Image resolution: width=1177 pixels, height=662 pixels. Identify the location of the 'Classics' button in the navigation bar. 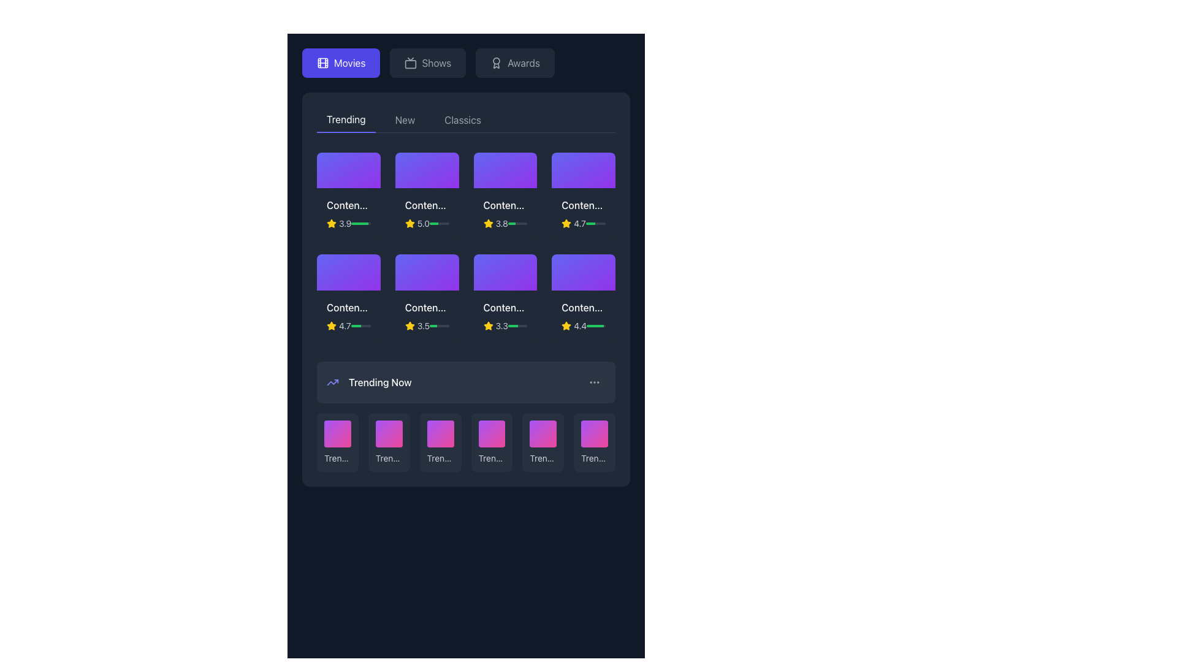
(462, 120).